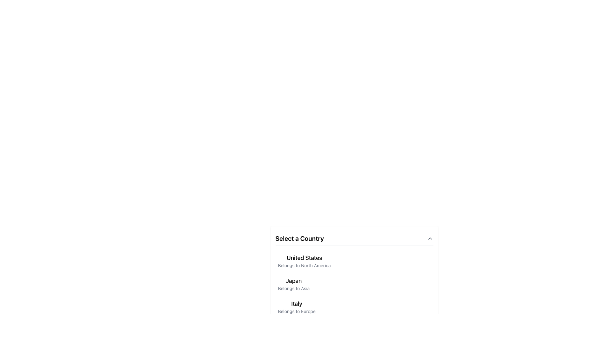  I want to click on displayed text of the 'United States' country label in the selectable list under the 'Select a Country' header, so click(304, 261).